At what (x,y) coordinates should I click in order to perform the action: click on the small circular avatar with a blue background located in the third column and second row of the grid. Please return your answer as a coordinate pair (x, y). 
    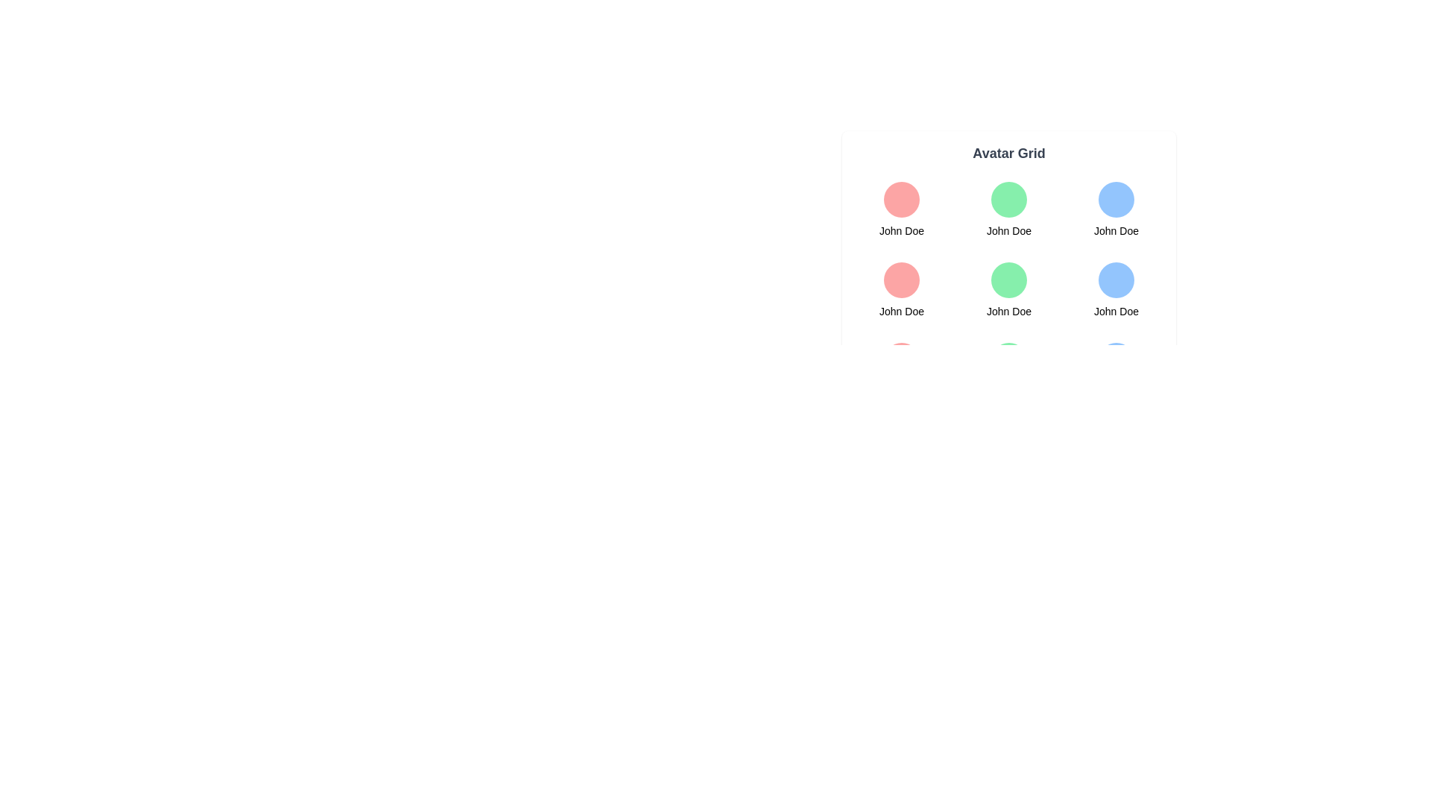
    Looking at the image, I should click on (1116, 280).